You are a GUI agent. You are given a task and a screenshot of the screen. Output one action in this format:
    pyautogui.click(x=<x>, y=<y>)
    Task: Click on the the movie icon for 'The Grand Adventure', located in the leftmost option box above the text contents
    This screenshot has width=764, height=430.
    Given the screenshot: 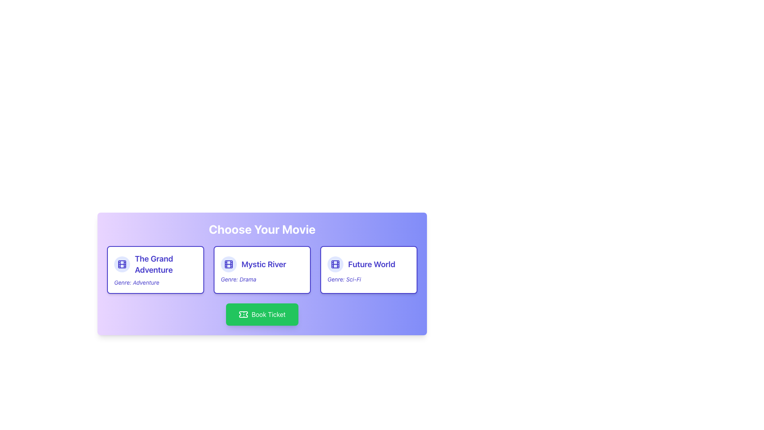 What is the action you would take?
    pyautogui.click(x=122, y=264)
    